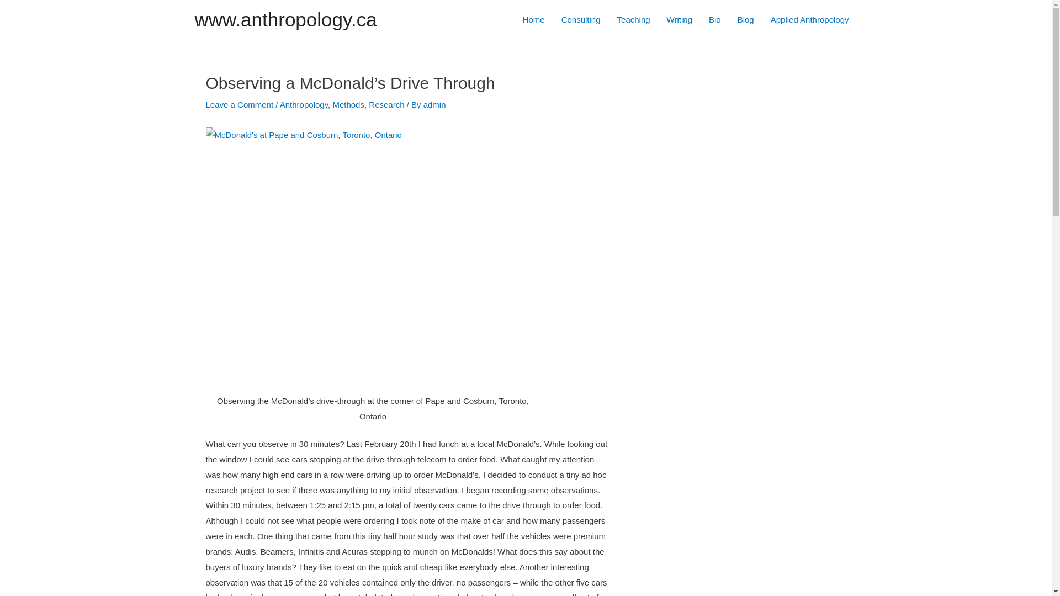  What do you see at coordinates (285, 19) in the screenshot?
I see `'www.anthropology.ca'` at bounding box center [285, 19].